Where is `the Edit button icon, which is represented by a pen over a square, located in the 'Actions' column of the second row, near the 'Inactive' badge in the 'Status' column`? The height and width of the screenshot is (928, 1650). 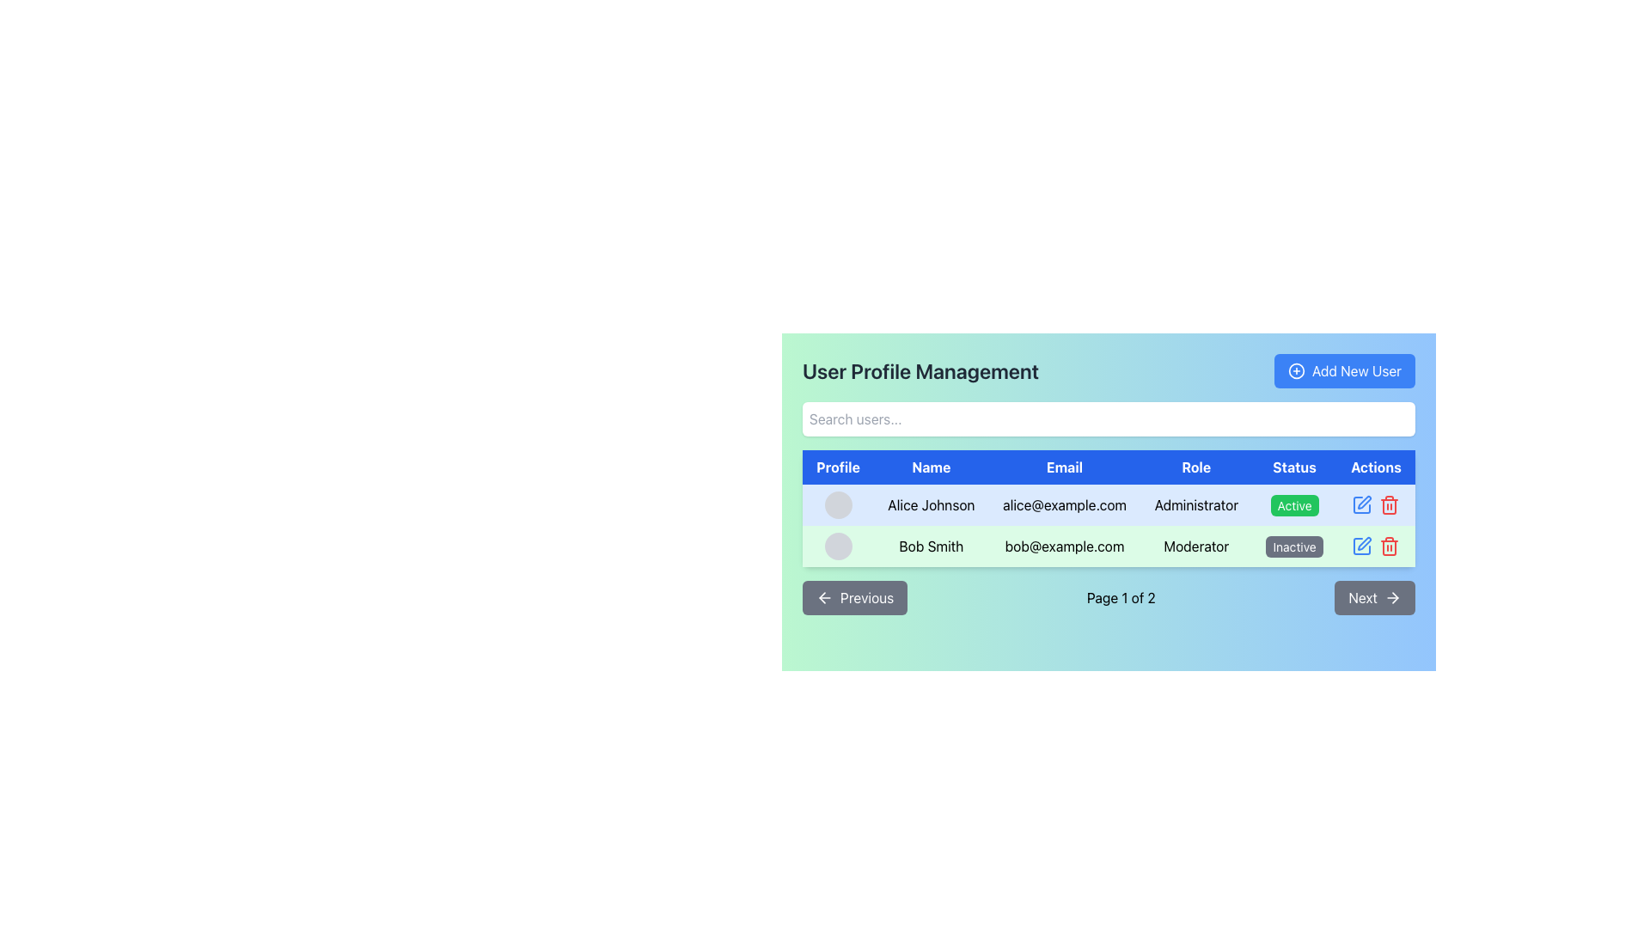 the Edit button icon, which is represented by a pen over a square, located in the 'Actions' column of the second row, near the 'Inactive' badge in the 'Status' column is located at coordinates (1361, 546).